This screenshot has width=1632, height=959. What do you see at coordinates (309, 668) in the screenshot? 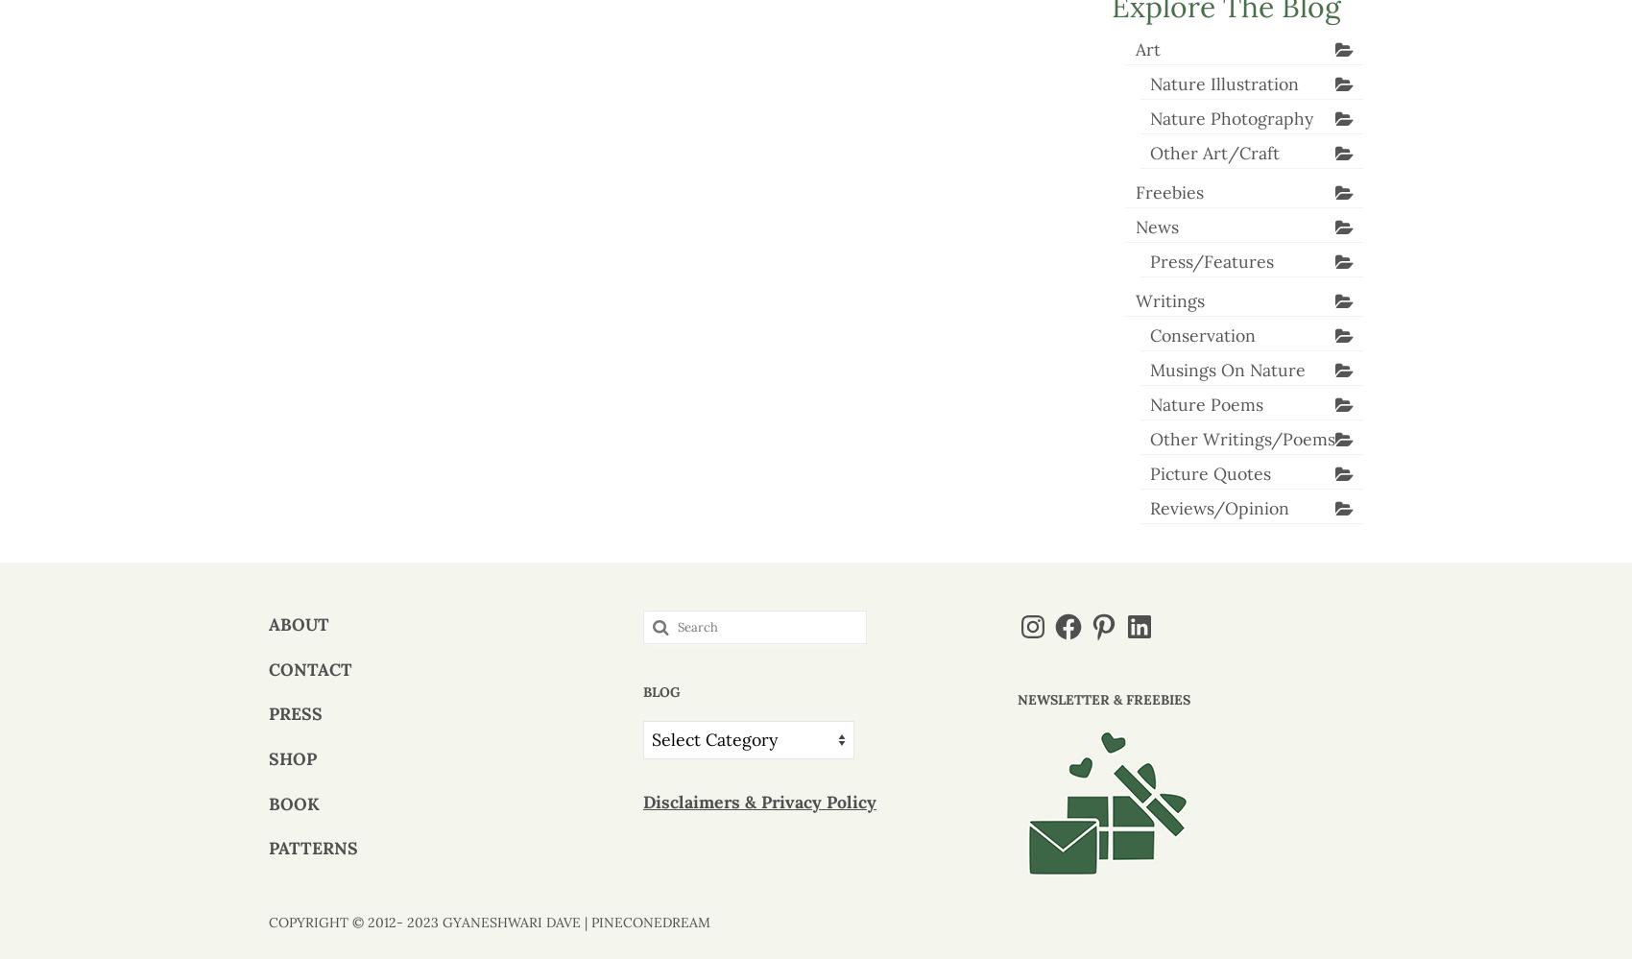
I see `'CONTACT'` at bounding box center [309, 668].